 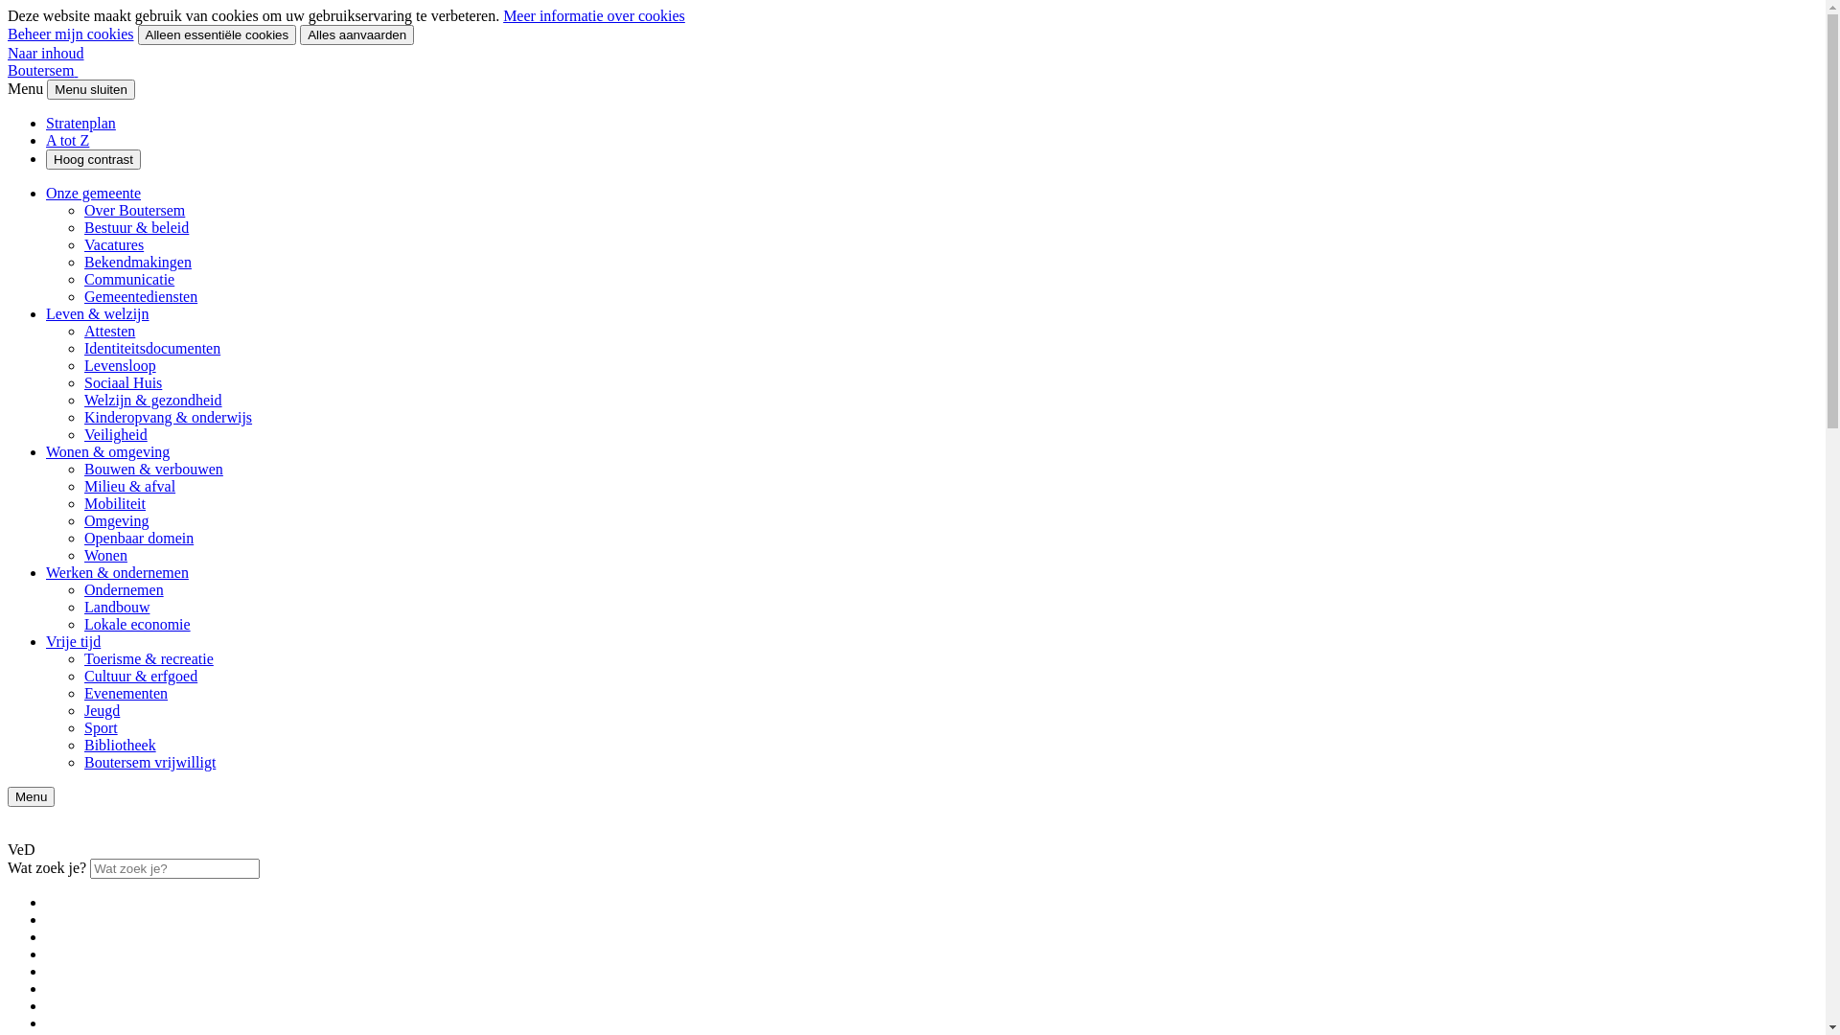 What do you see at coordinates (82, 382) in the screenshot?
I see `'Sociaal Huis'` at bounding box center [82, 382].